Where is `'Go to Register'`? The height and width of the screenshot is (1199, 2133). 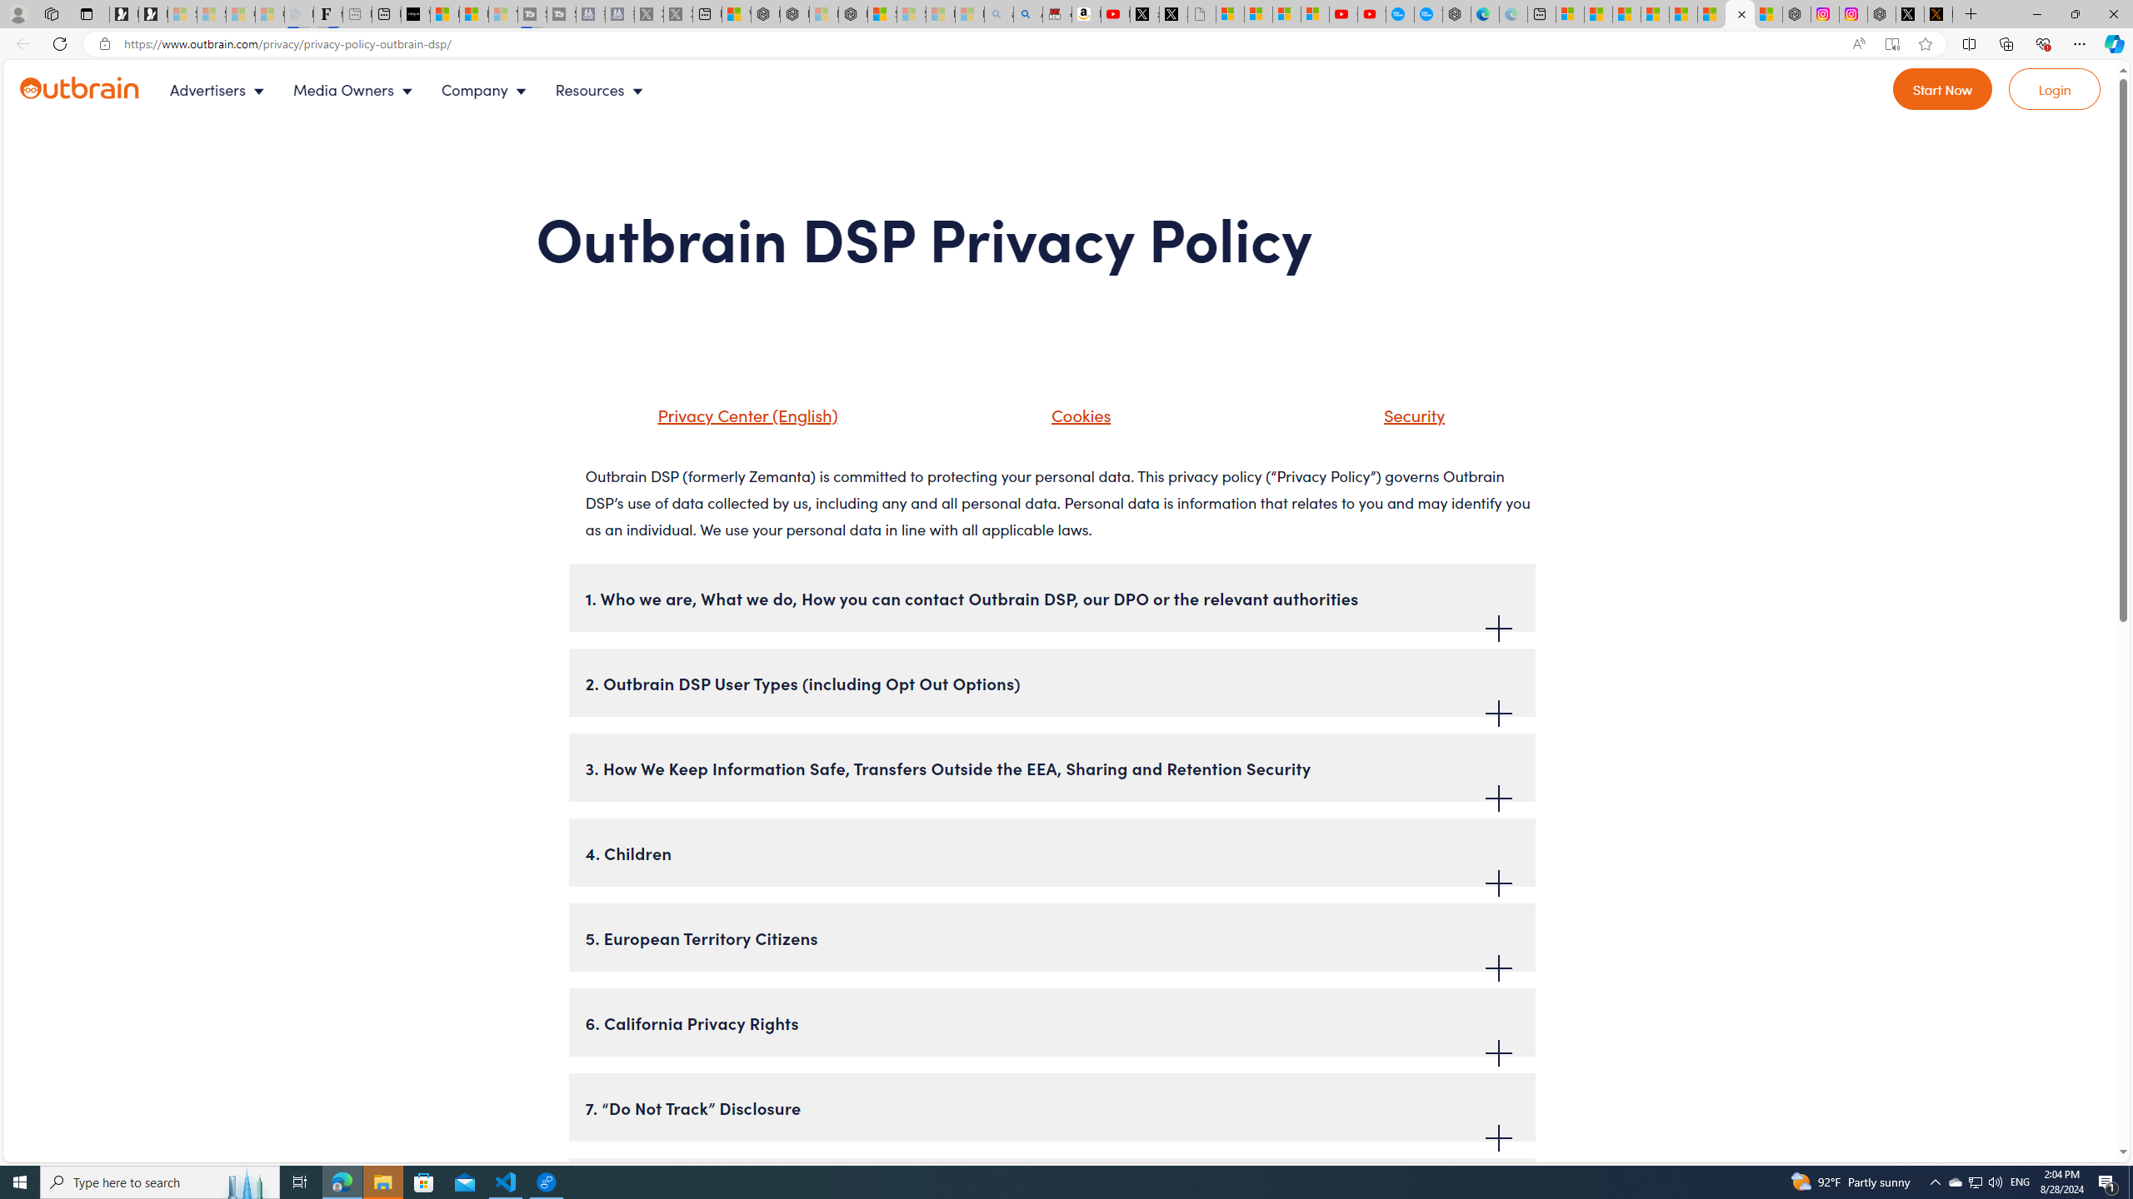 'Go to Register' is located at coordinates (1942, 89).